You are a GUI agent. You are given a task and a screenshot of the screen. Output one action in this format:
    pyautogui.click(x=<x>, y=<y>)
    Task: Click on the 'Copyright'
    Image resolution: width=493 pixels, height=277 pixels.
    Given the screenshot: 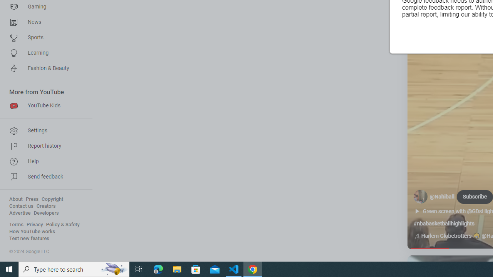 What is the action you would take?
    pyautogui.click(x=52, y=199)
    